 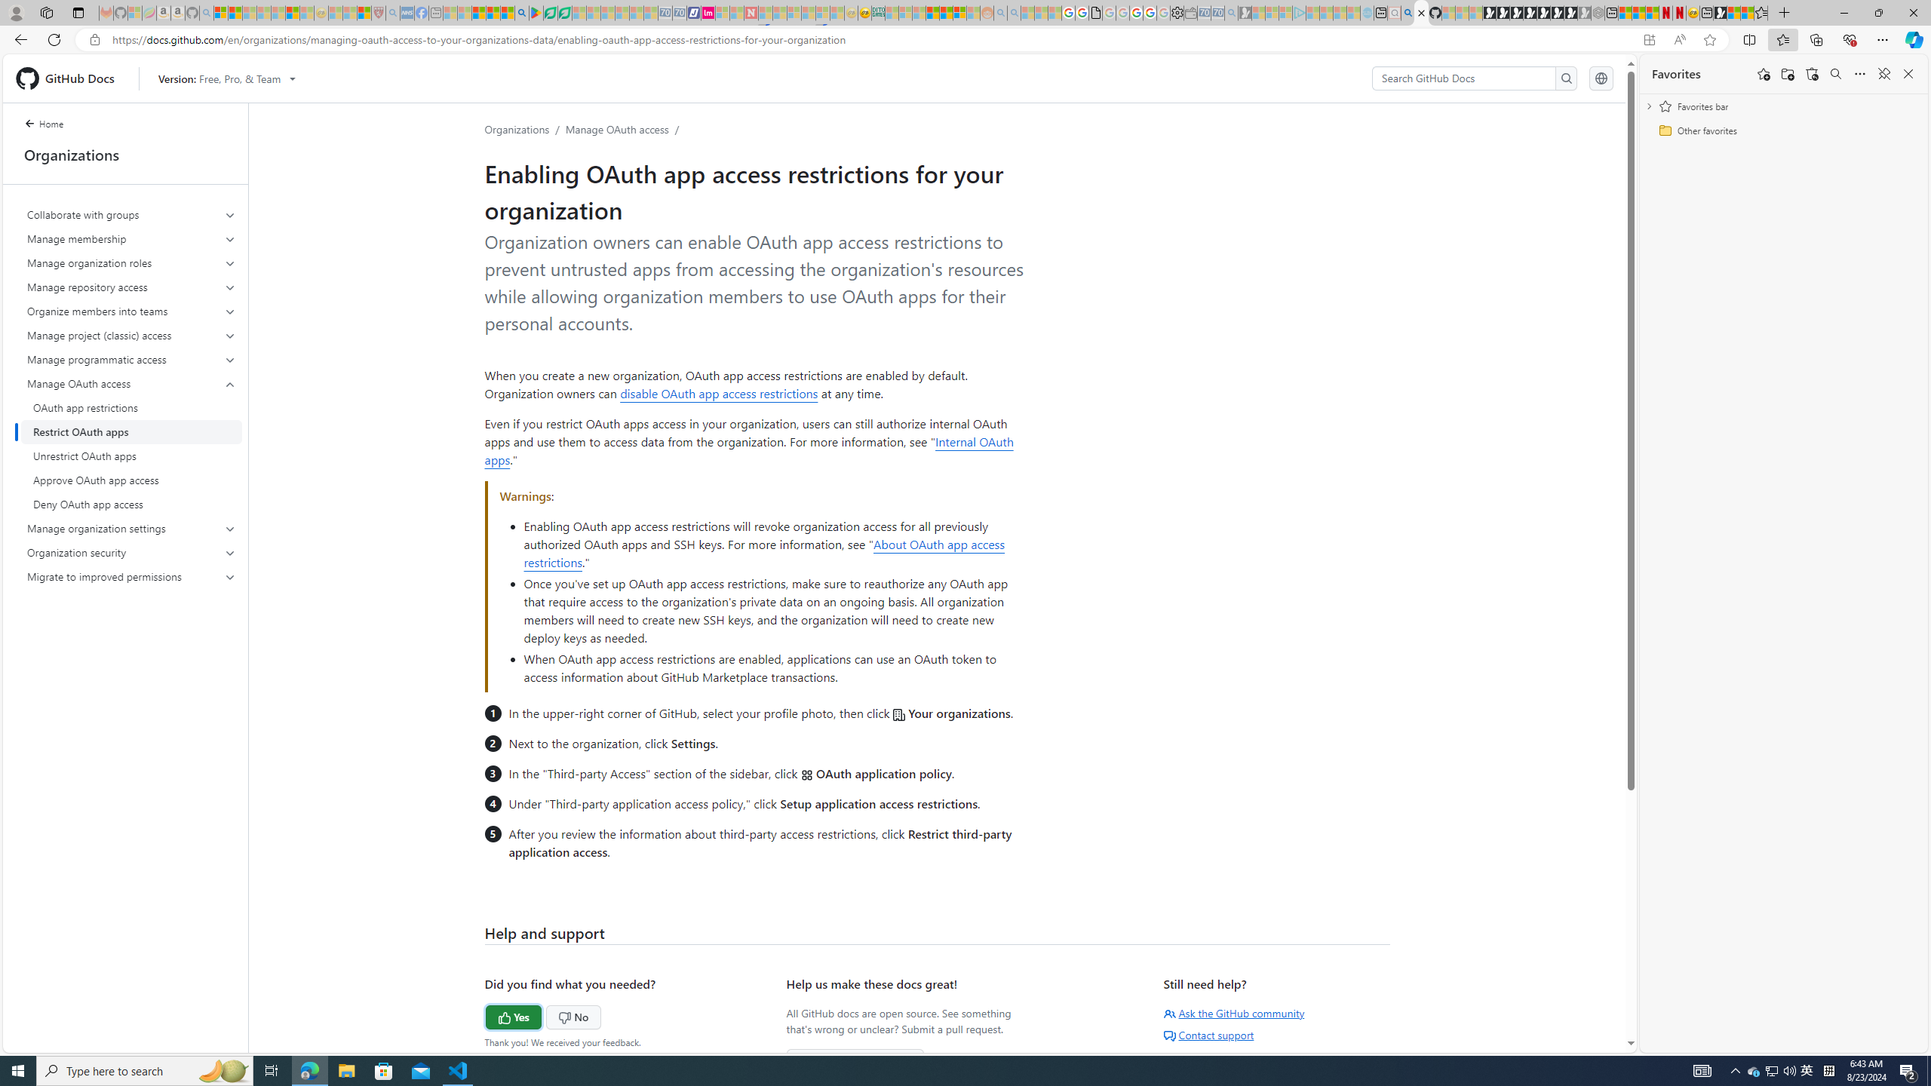 I want to click on 'google_privacy_policy_zh-CN.pdf', so click(x=1094, y=12).